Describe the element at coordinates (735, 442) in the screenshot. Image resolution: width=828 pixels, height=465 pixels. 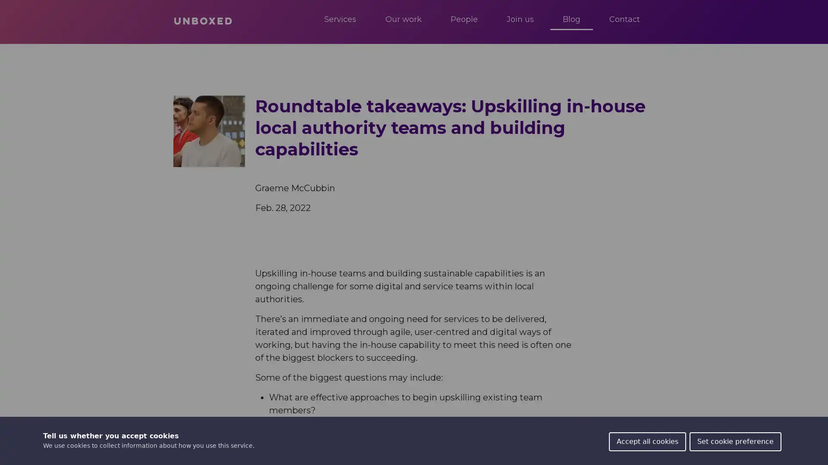
I see `Set cookie preference` at that location.